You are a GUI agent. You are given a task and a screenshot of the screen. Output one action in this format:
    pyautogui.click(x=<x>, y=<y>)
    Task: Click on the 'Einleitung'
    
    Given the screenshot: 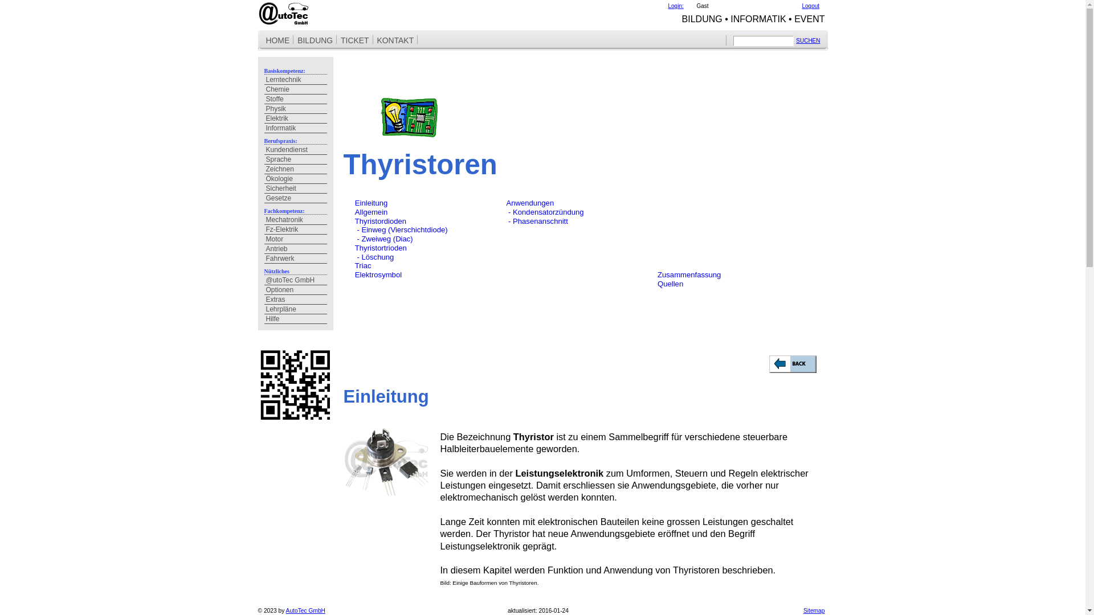 What is the action you would take?
    pyautogui.click(x=354, y=202)
    